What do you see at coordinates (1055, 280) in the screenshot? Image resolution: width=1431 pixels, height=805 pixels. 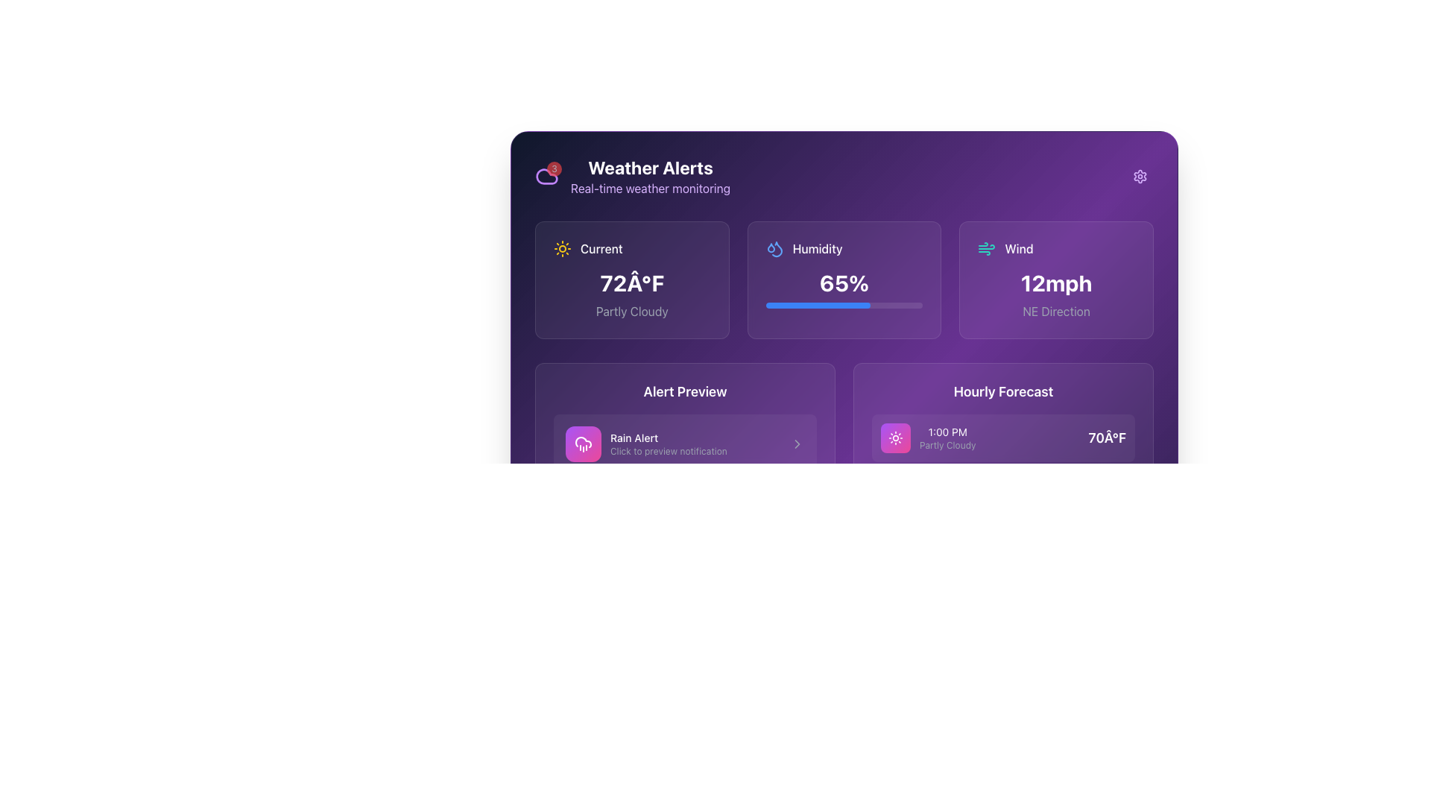 I see `the Information Card displaying current wind information, which shows speed ('12mph') and direction ('NE Direction') in the upper right quadrant of the interface` at bounding box center [1055, 280].